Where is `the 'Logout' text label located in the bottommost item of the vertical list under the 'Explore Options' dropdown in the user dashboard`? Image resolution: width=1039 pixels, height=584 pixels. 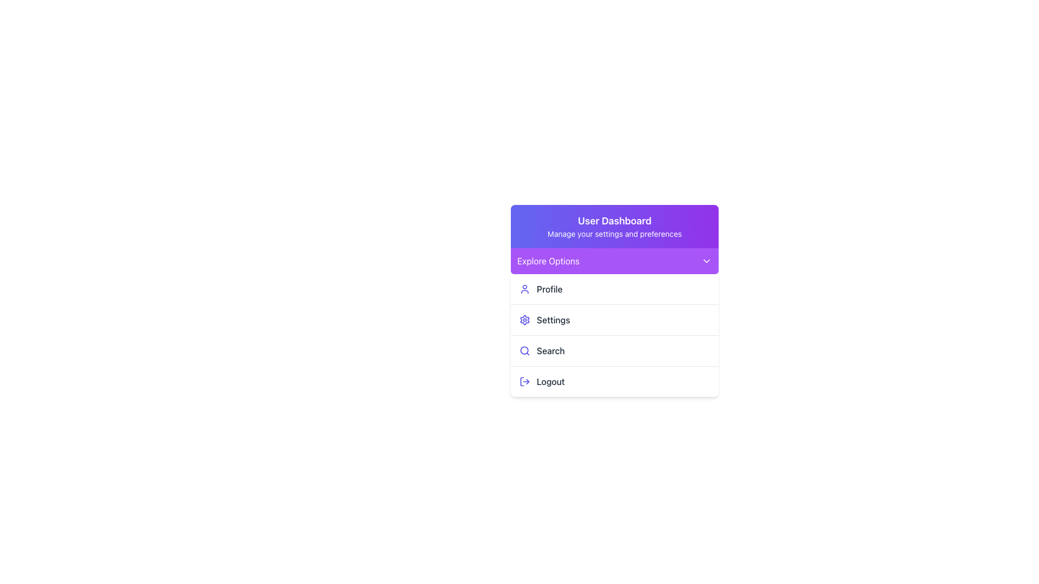 the 'Logout' text label located in the bottommost item of the vertical list under the 'Explore Options' dropdown in the user dashboard is located at coordinates (550, 381).